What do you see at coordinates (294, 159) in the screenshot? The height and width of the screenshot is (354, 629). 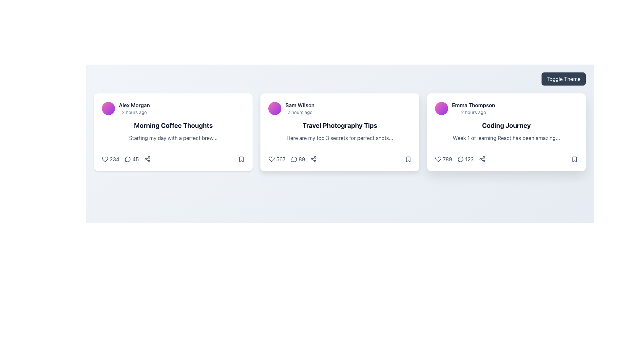 I see `the comment section indicator icon located under the 'Travel Photography Tips' content in the second card from the left, adjacent to numerical statistics` at bounding box center [294, 159].